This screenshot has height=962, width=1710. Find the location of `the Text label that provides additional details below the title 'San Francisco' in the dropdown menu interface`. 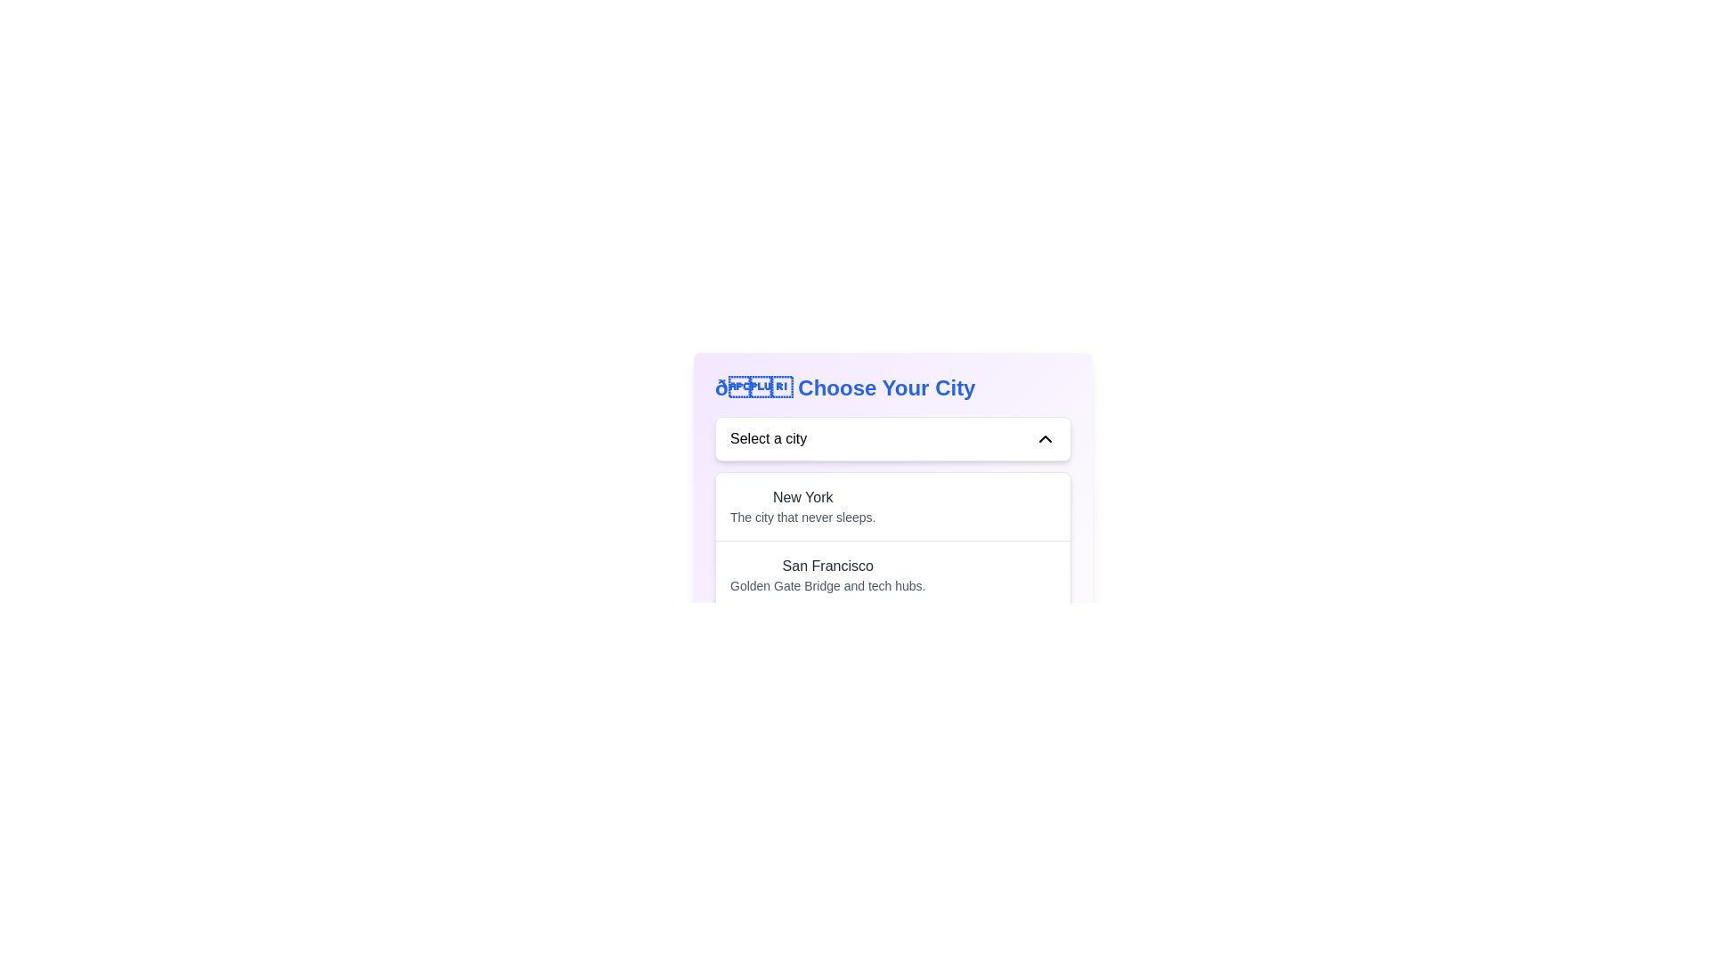

the Text label that provides additional details below the title 'San Francisco' in the dropdown menu interface is located at coordinates (826, 586).